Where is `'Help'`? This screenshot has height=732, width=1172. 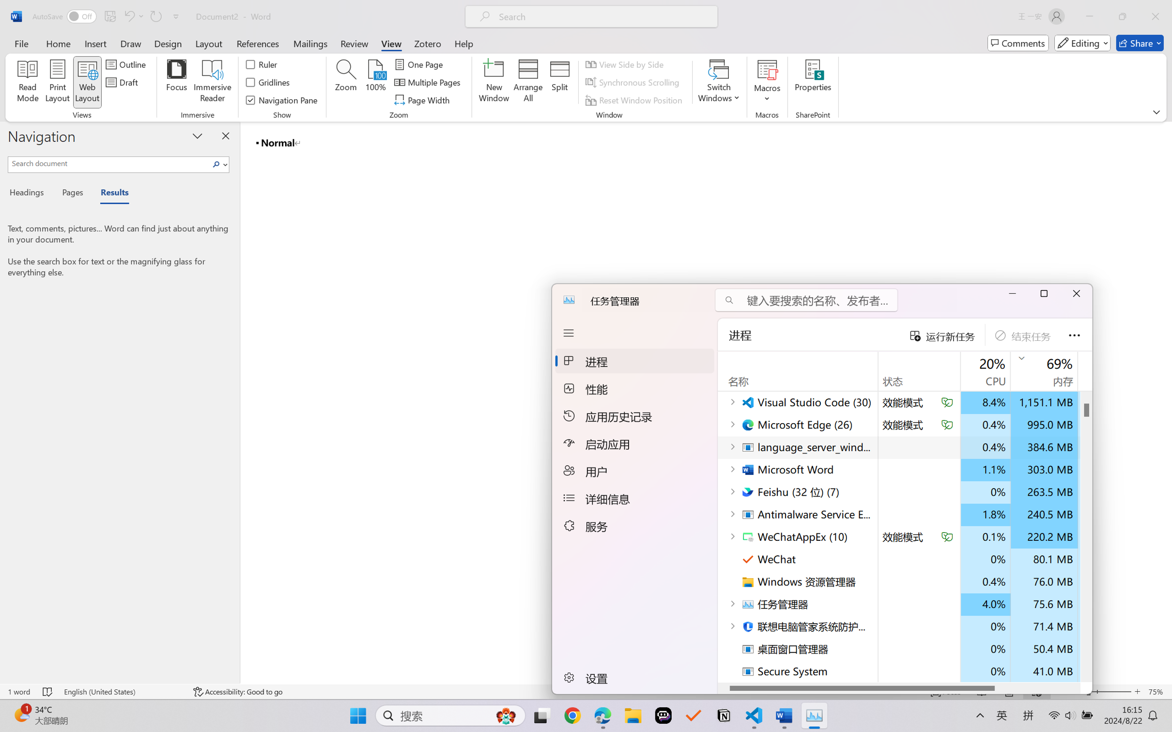
'Help' is located at coordinates (463, 43).